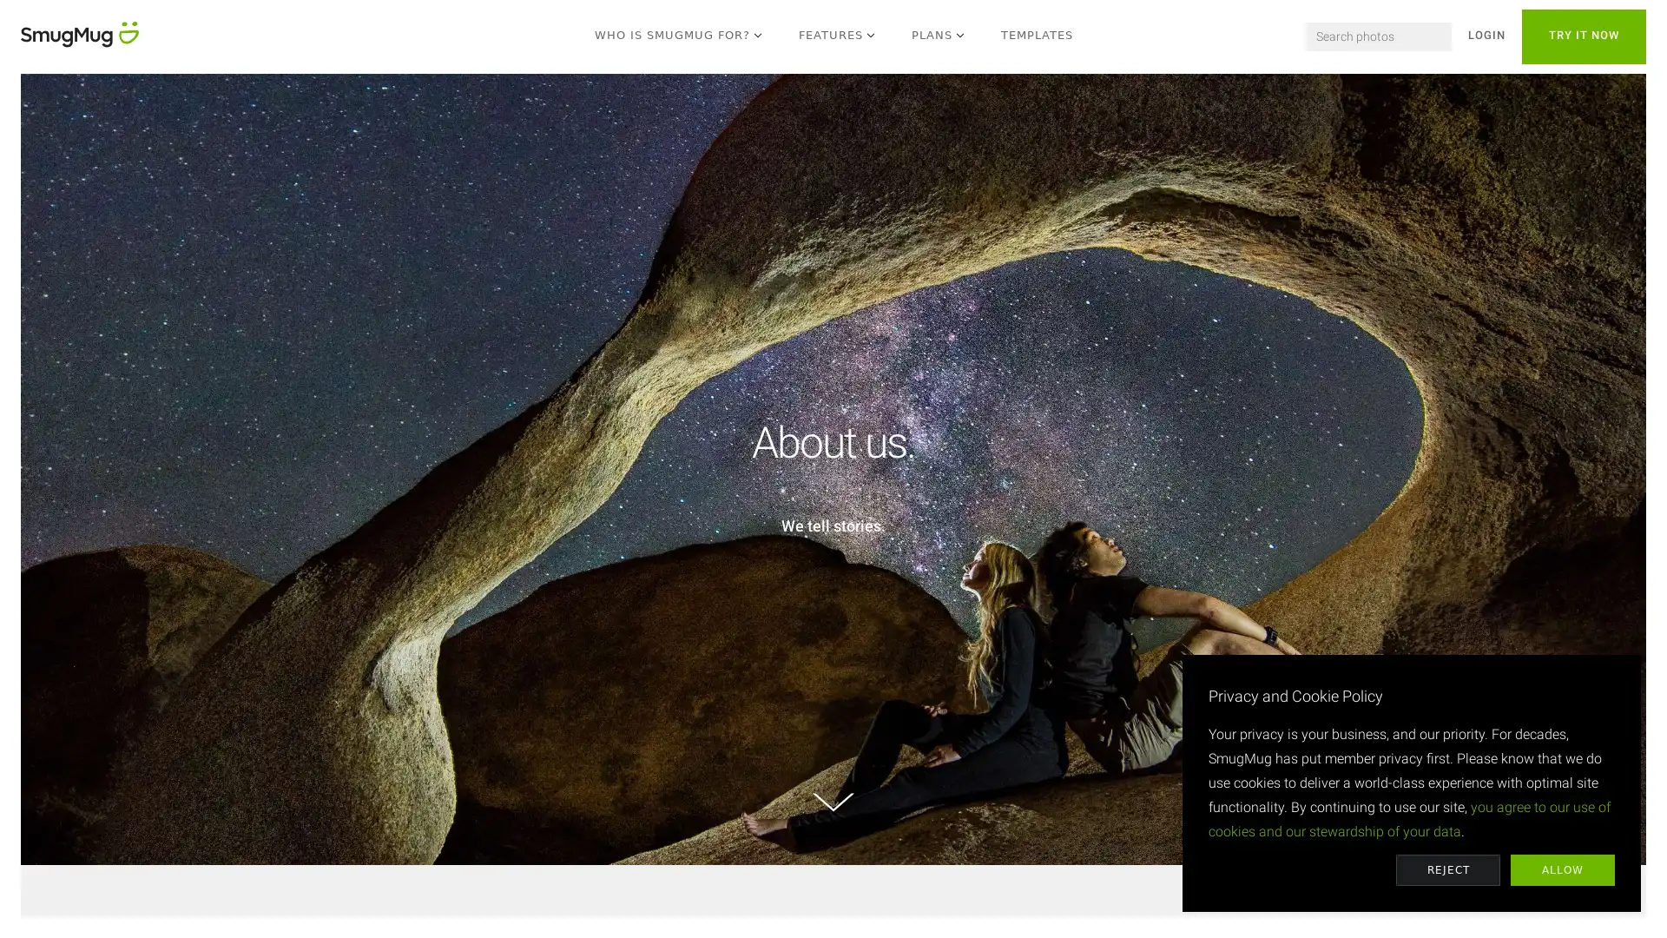 The width and height of the screenshot is (1667, 938). I want to click on REJECT, so click(1448, 870).